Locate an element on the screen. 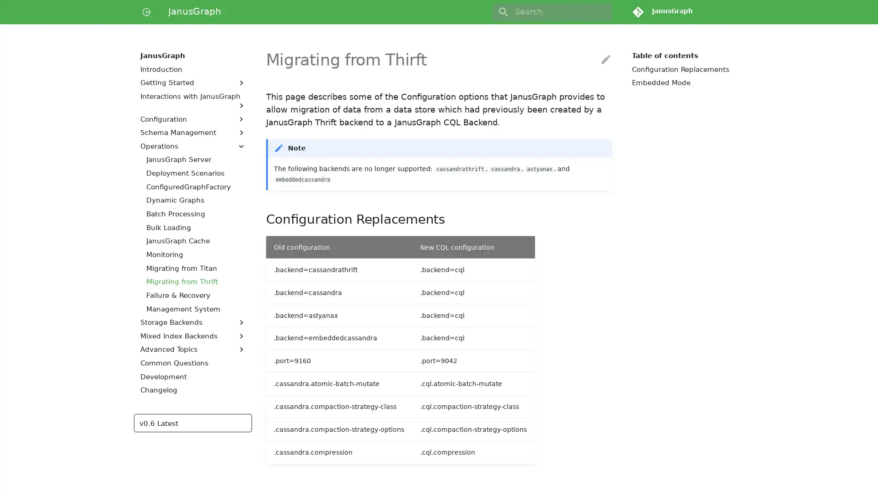  Clear is located at coordinates (601, 12).